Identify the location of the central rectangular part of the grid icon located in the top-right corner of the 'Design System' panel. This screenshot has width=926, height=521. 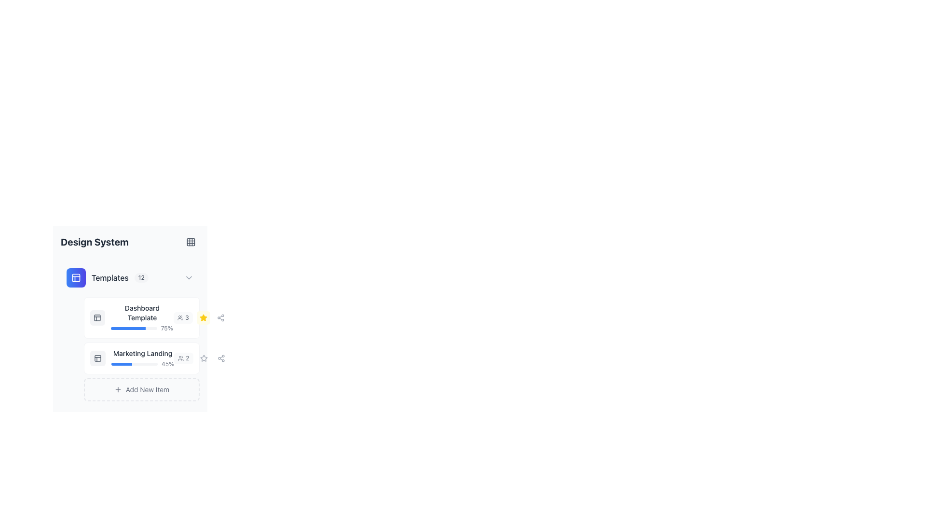
(191, 241).